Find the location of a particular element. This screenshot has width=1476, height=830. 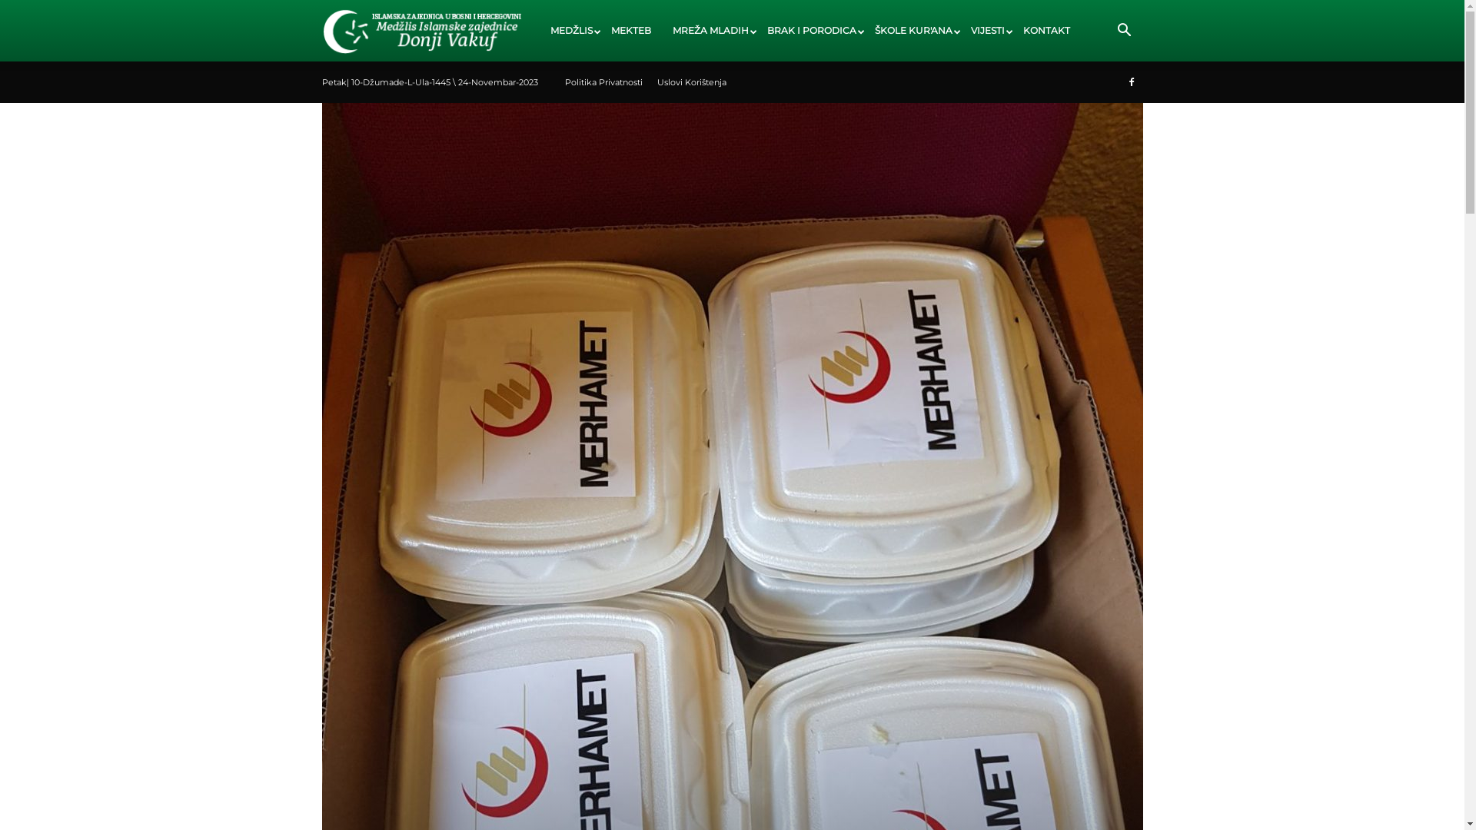

'VIJESTI' is located at coordinates (986, 30).